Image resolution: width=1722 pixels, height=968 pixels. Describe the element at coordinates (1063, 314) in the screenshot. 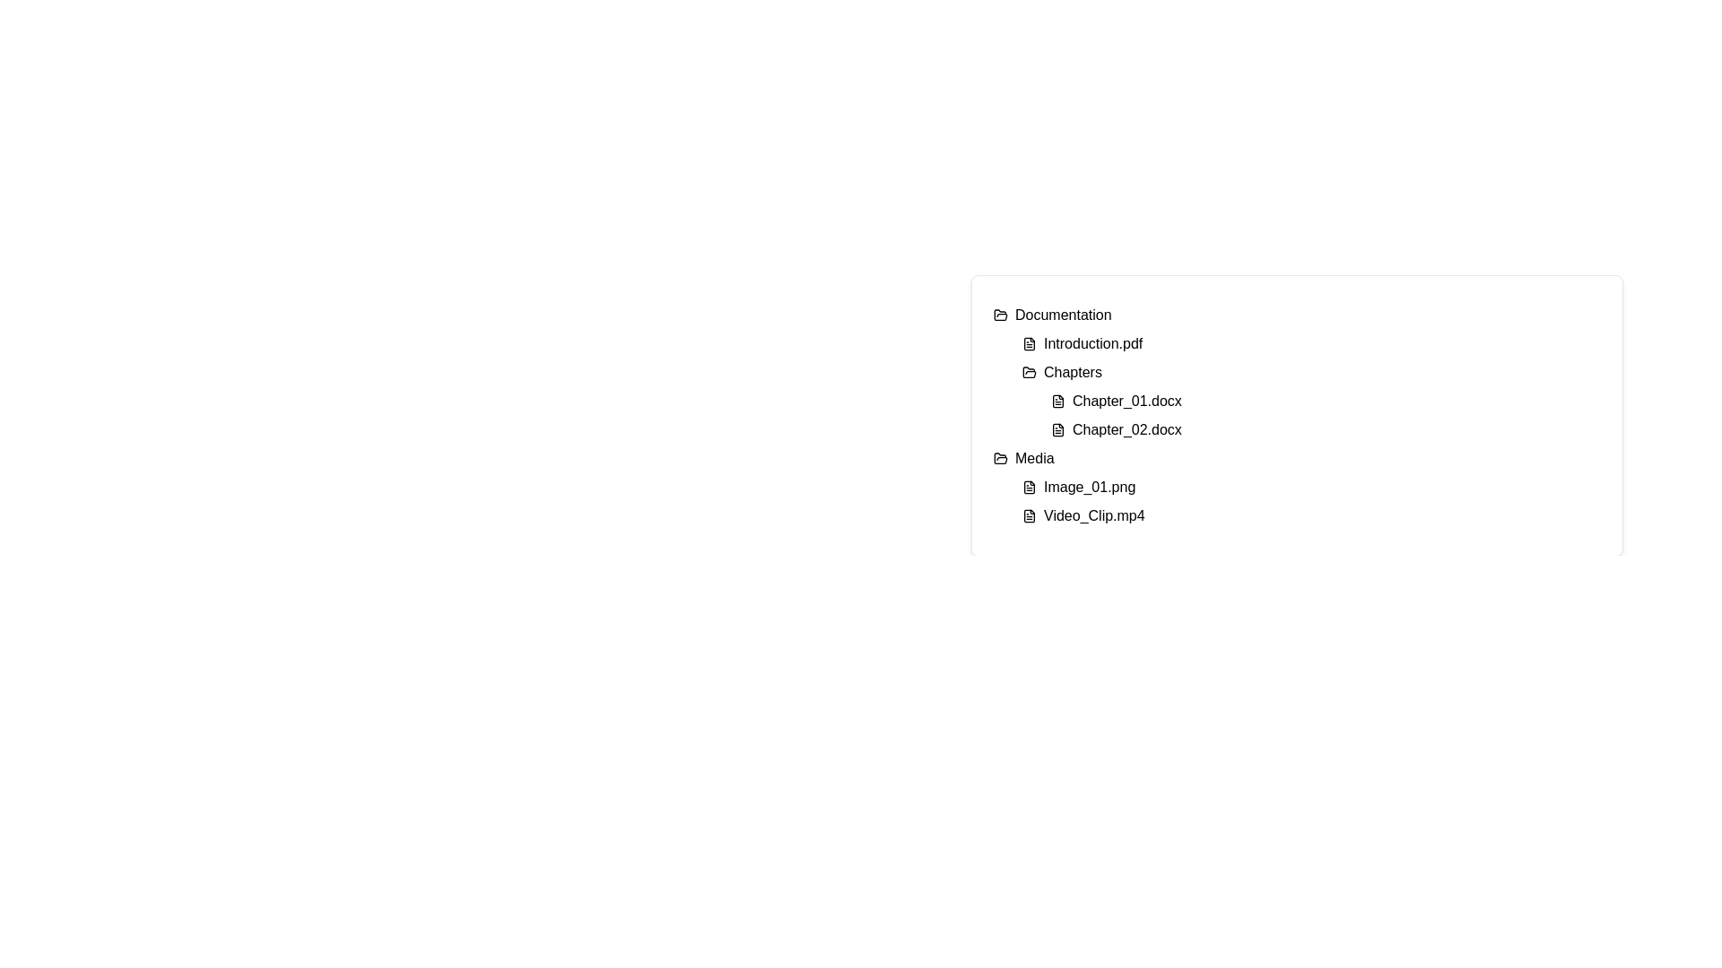

I see `text of the Static Text Label that reads 'Documentation', which is positioned to the right of the folder icon in the tab section of the document structure list` at that location.